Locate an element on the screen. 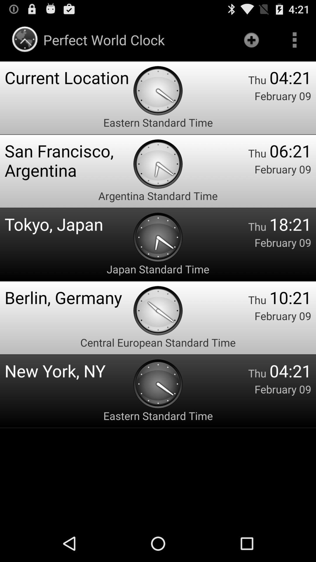  the app above central european standard icon is located at coordinates (68, 297).